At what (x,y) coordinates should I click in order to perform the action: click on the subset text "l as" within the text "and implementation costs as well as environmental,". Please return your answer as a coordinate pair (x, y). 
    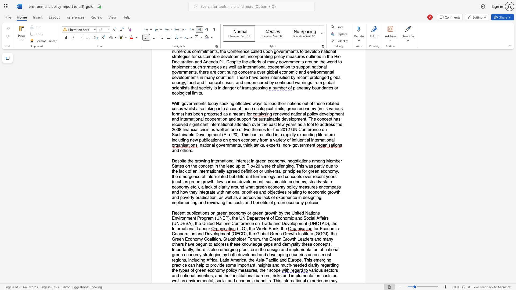
    Looking at the image, I should click on (178, 281).